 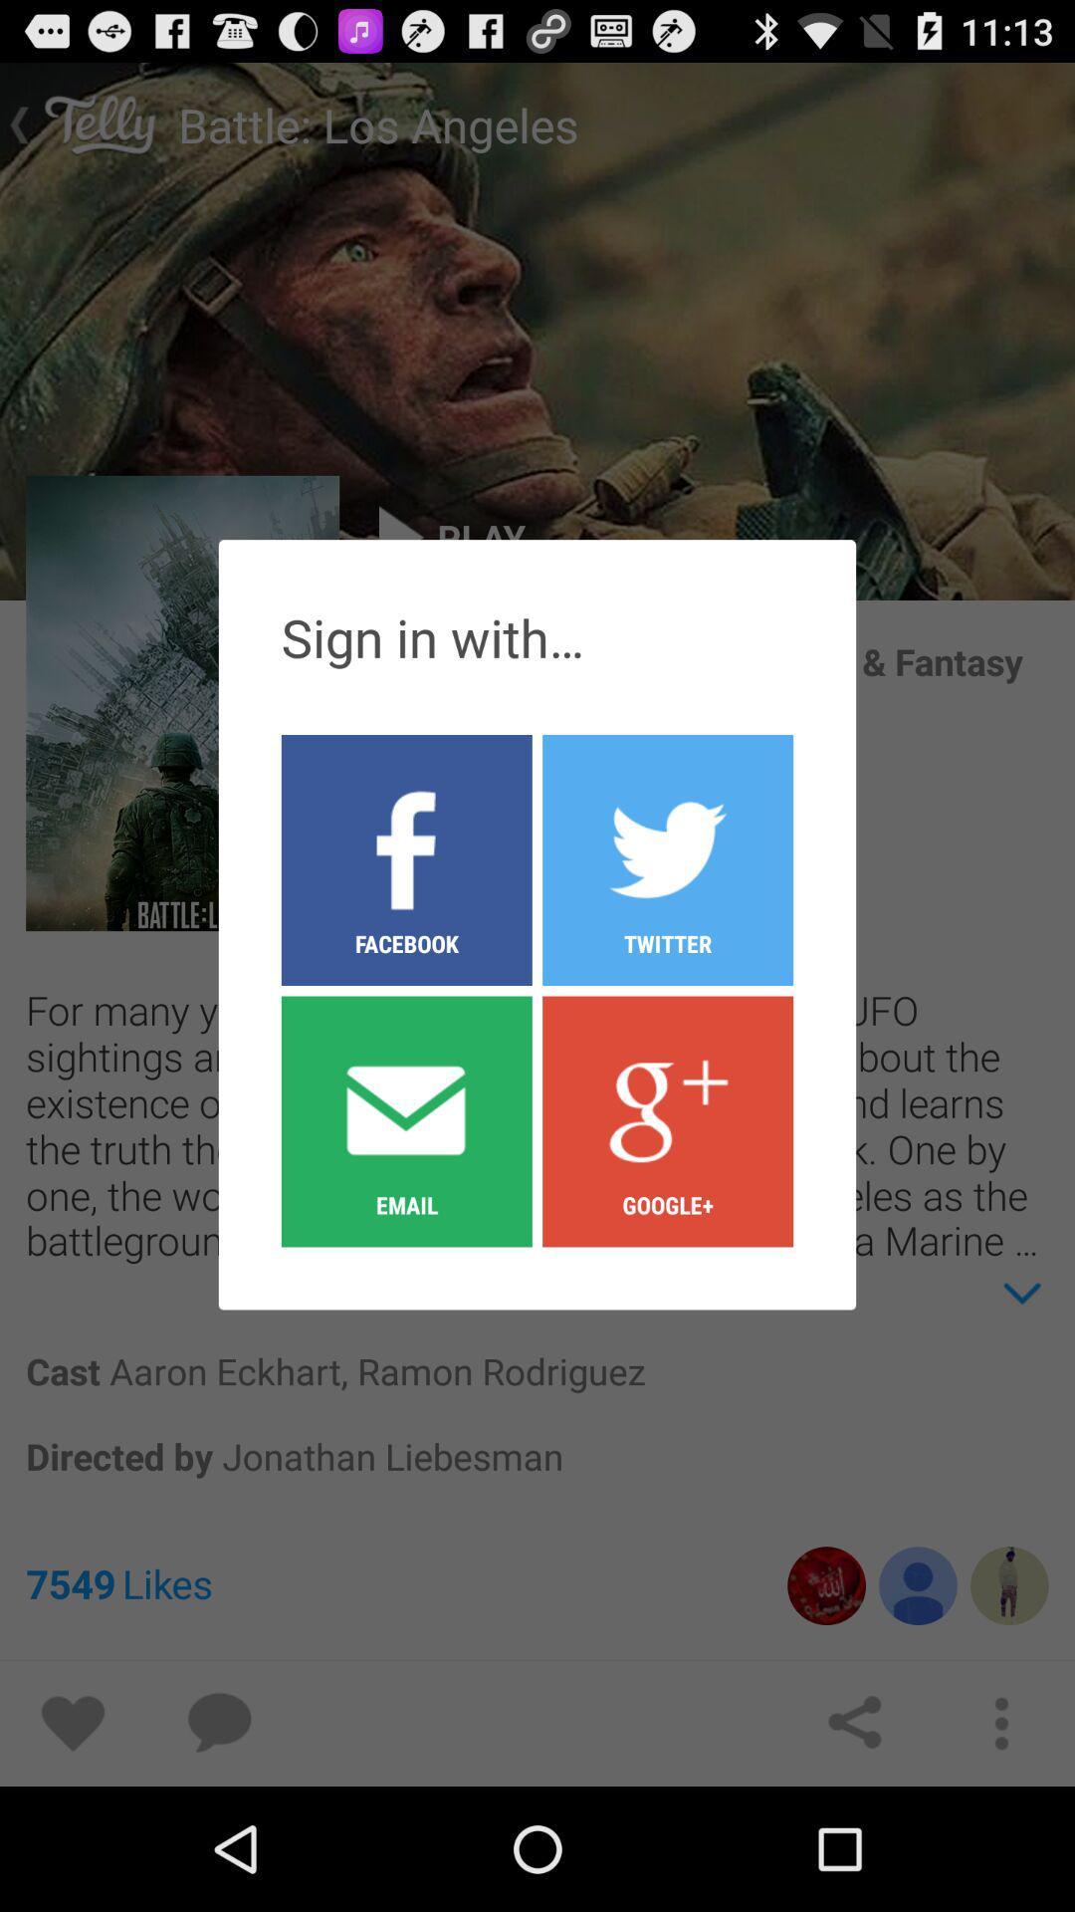 I want to click on the email item, so click(x=405, y=1120).